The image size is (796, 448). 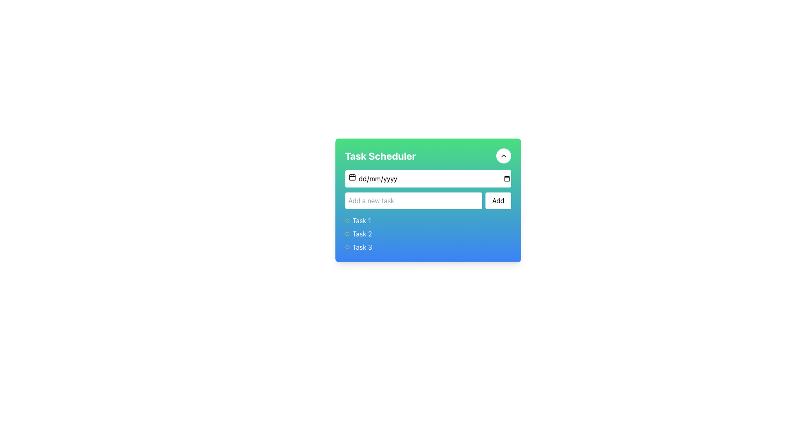 I want to click on the button located in the top-right section of the 'Task Scheduler' header, so click(x=503, y=156).